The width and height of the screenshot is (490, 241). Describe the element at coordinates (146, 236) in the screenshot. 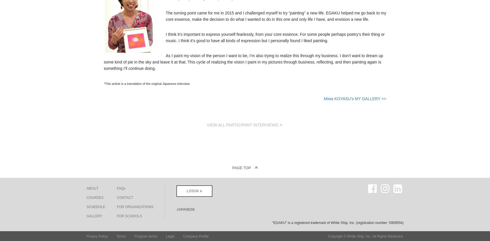

I see `'Program terms'` at that location.